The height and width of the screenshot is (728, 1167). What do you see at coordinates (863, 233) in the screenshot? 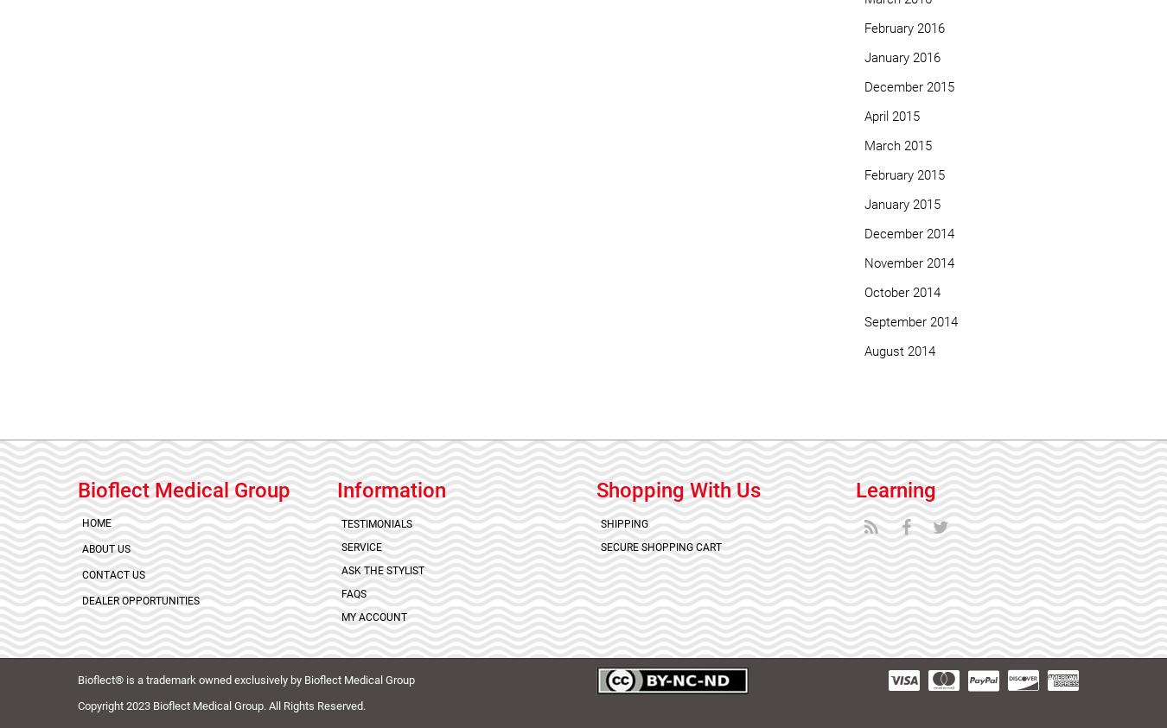
I see `'December 2014'` at bounding box center [863, 233].